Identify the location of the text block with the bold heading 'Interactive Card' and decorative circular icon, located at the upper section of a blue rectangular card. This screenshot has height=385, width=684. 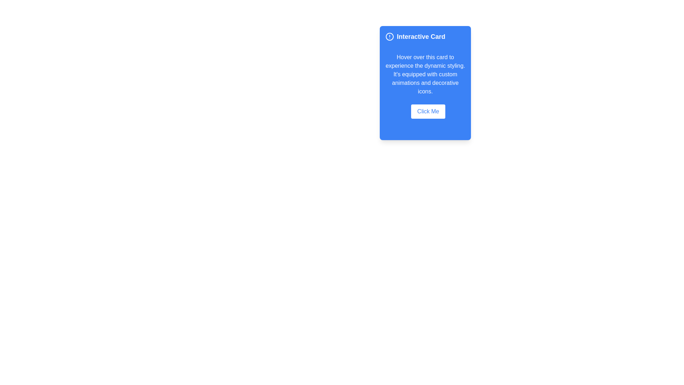
(425, 37).